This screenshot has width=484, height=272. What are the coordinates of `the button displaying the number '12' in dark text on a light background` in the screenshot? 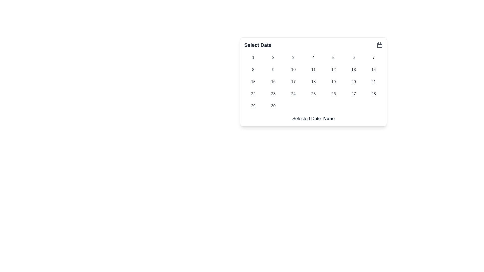 It's located at (334, 70).